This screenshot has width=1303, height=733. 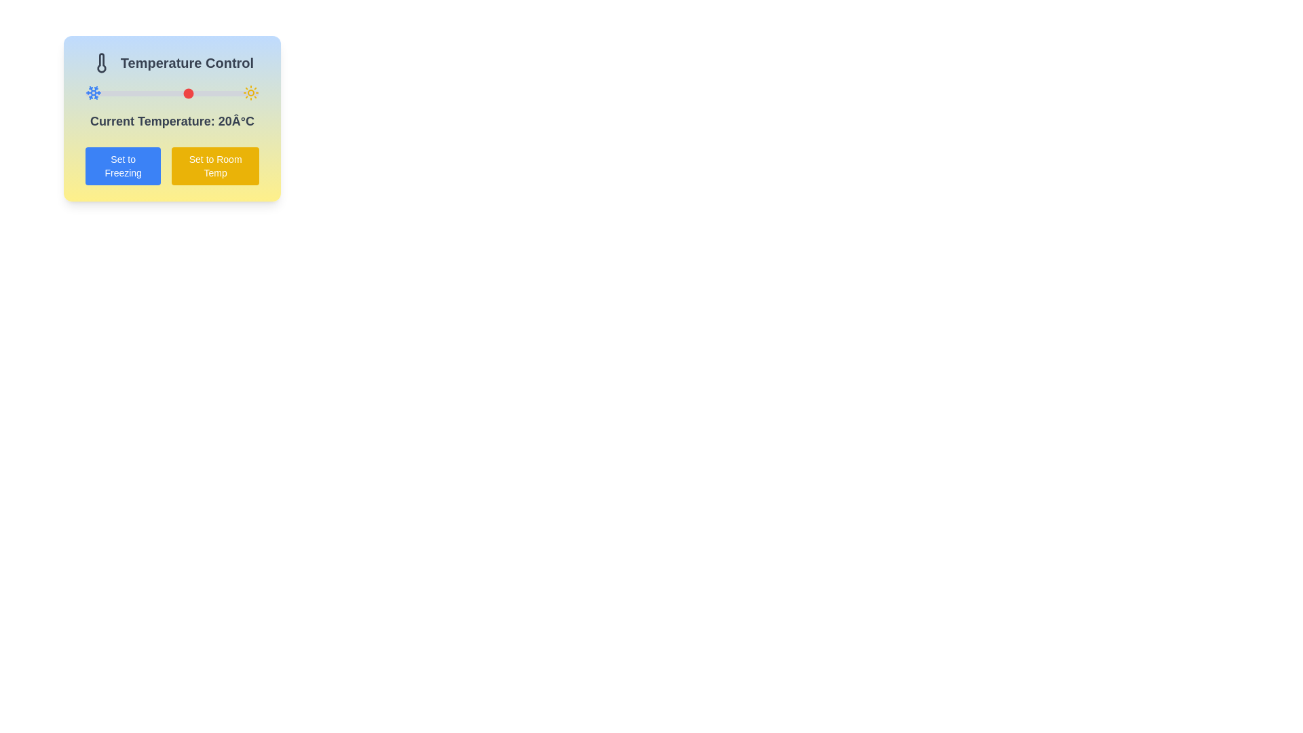 What do you see at coordinates (124, 93) in the screenshot?
I see `the temperature` at bounding box center [124, 93].